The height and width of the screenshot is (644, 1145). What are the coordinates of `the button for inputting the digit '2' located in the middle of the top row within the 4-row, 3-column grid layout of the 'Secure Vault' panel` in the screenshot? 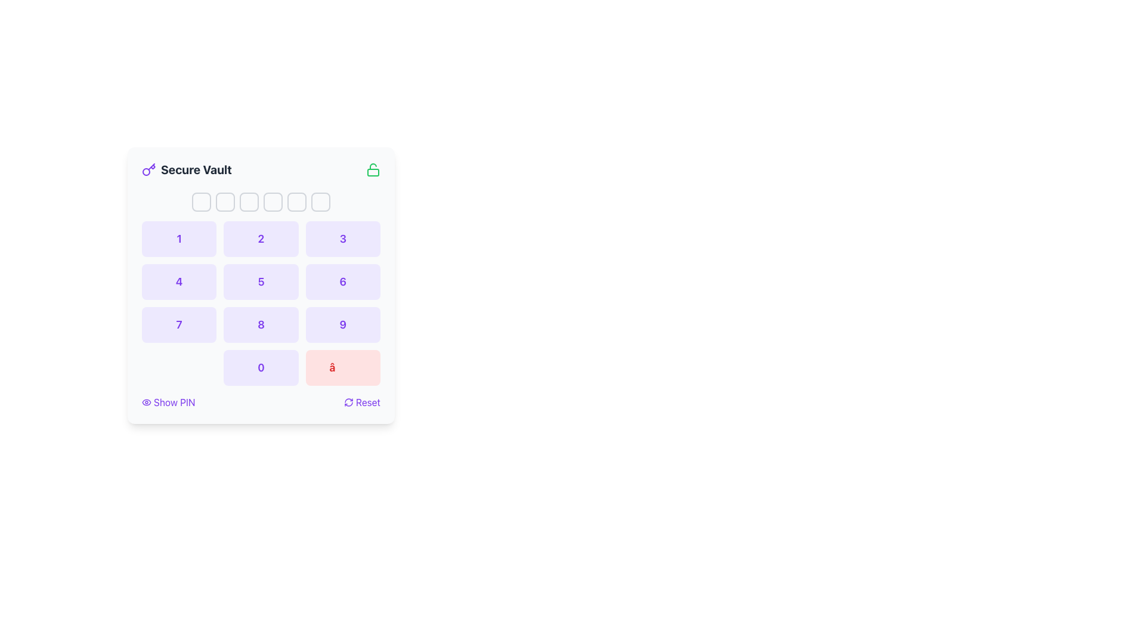 It's located at (260, 239).